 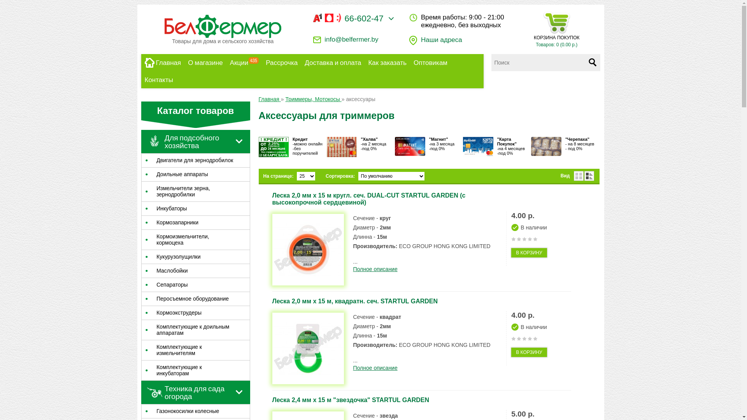 What do you see at coordinates (352, 21) in the screenshot?
I see `'66-602-47'` at bounding box center [352, 21].